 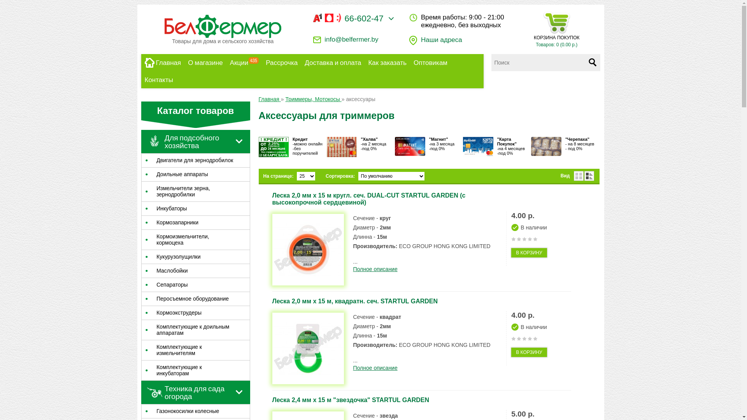 What do you see at coordinates (352, 21) in the screenshot?
I see `'66-602-47'` at bounding box center [352, 21].